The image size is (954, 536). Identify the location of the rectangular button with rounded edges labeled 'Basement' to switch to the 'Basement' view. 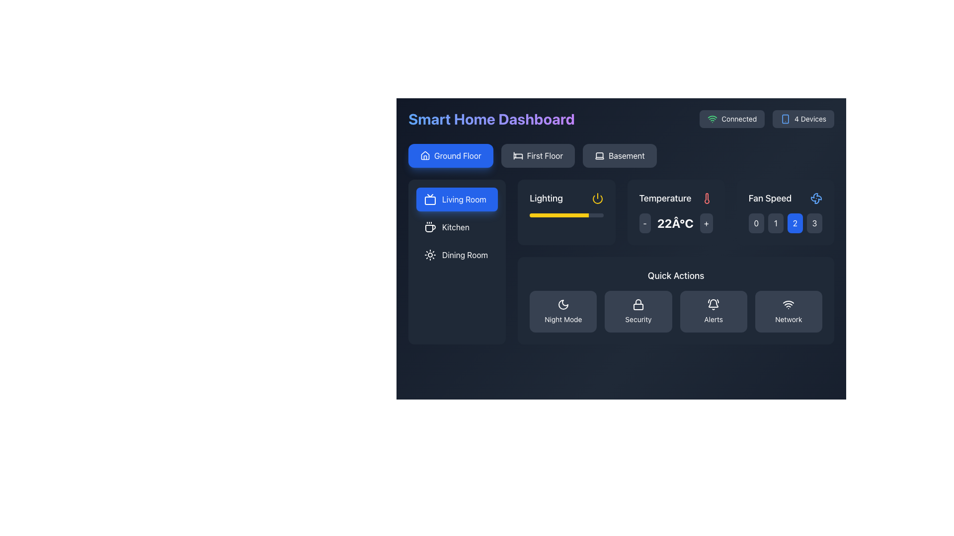
(621, 155).